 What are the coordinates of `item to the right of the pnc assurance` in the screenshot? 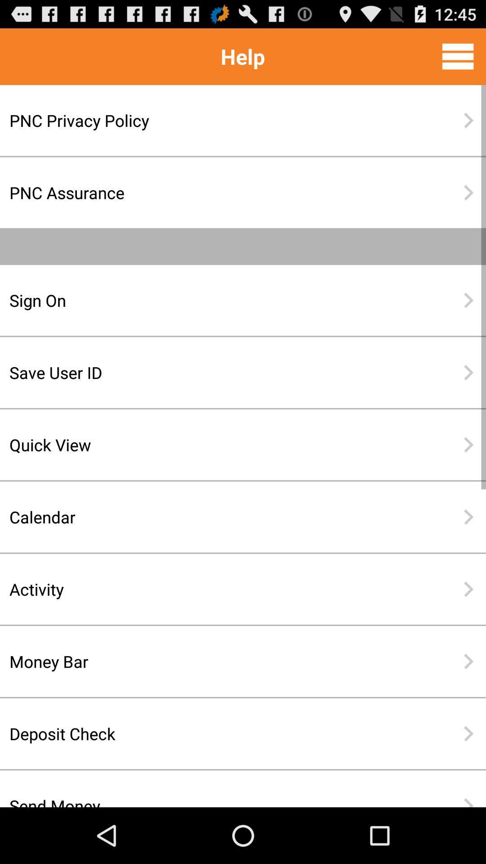 It's located at (468, 192).